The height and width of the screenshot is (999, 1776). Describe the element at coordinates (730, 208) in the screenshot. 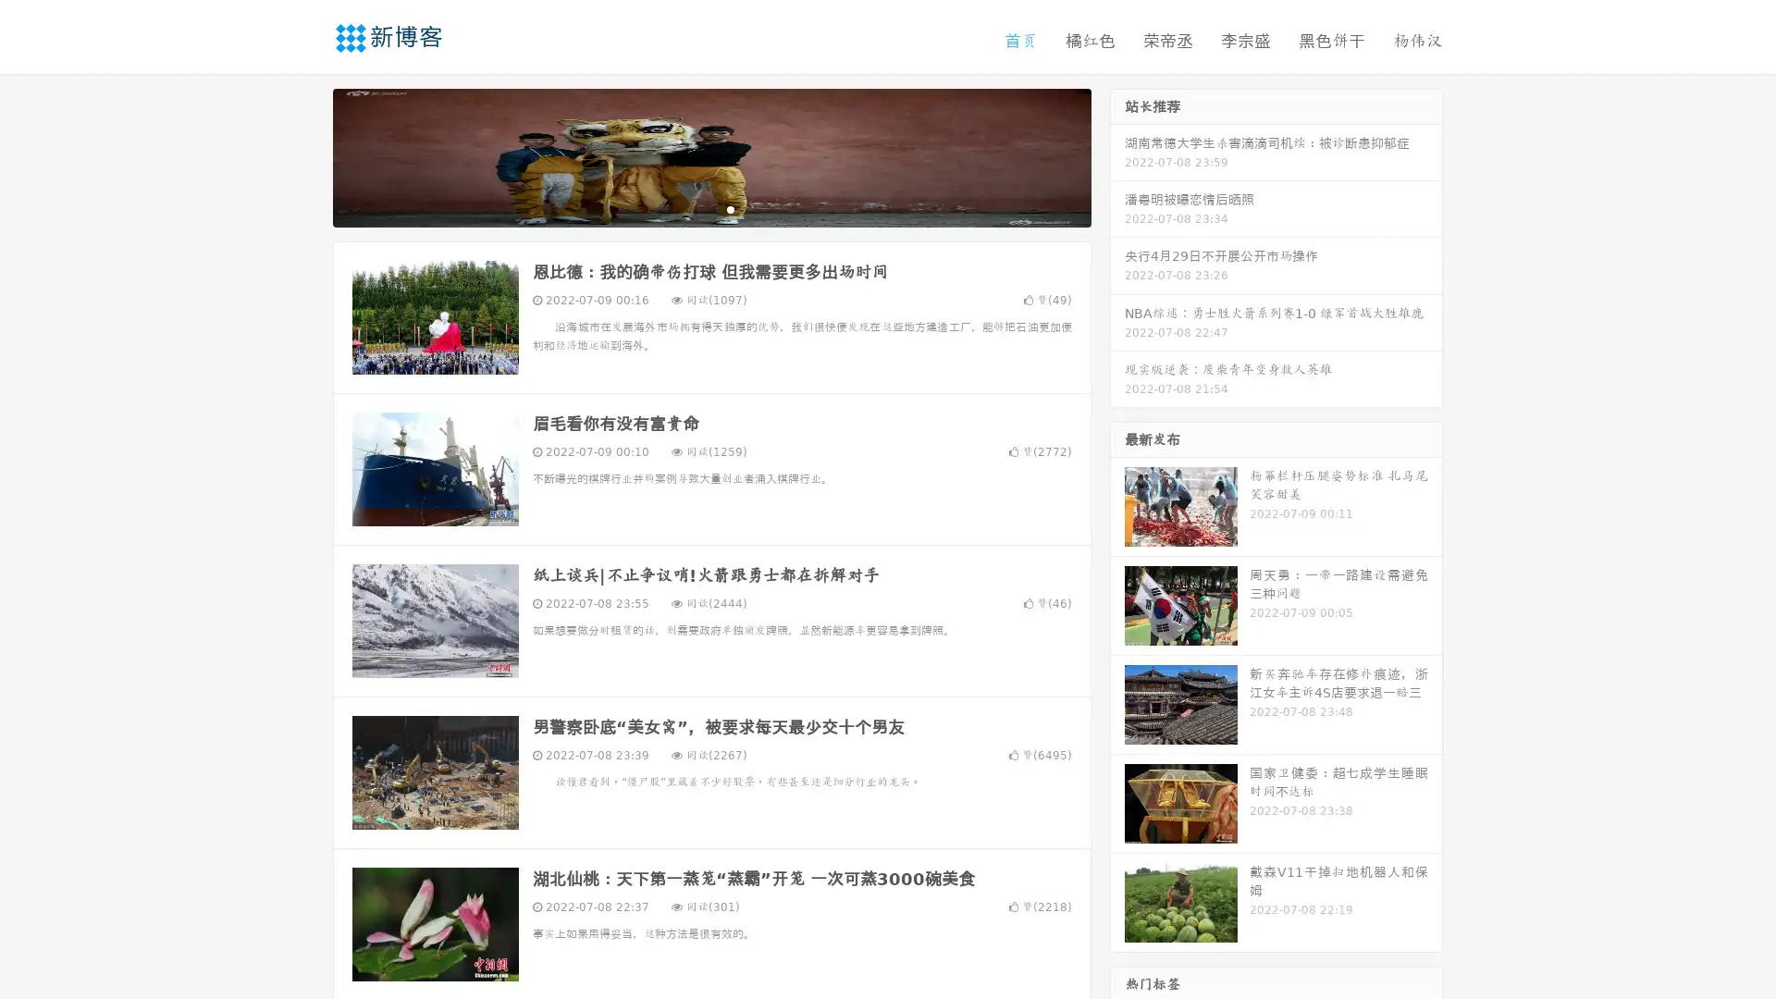

I see `Go to slide 3` at that location.